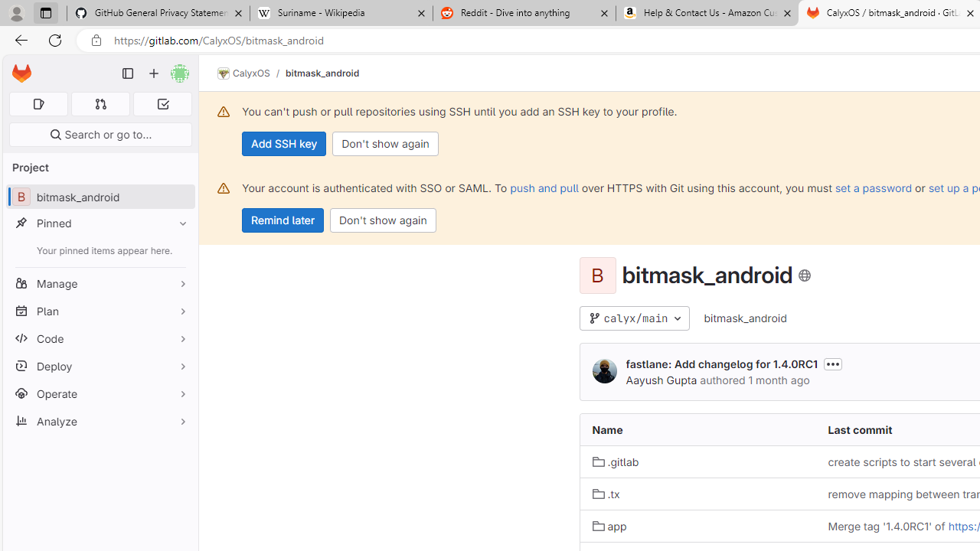 This screenshot has width=980, height=551. What do you see at coordinates (745, 317) in the screenshot?
I see `'bitmask_android'` at bounding box center [745, 317].